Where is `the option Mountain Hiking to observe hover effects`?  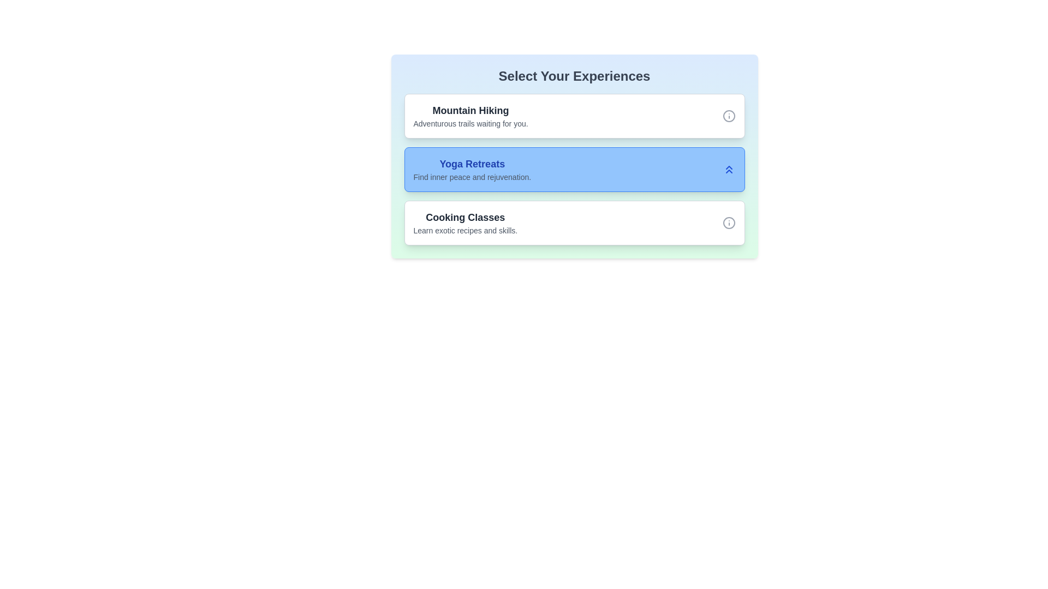
the option Mountain Hiking to observe hover effects is located at coordinates (574, 116).